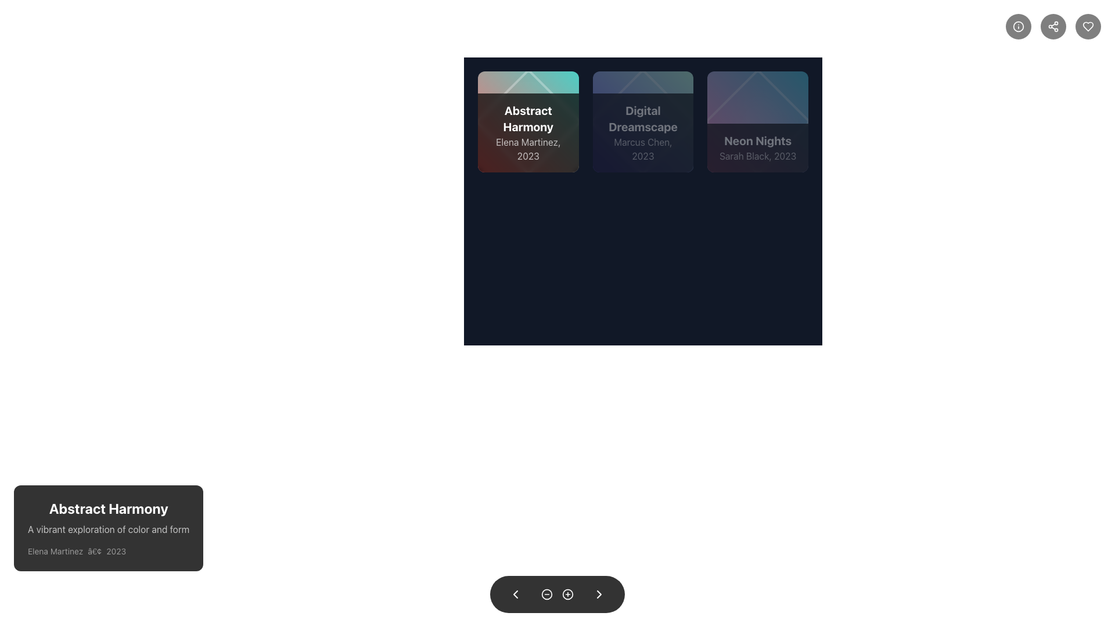  What do you see at coordinates (1087, 26) in the screenshot?
I see `the heart button located at the top-right corner of the interface, which is the third button in a row of similar circular buttons` at bounding box center [1087, 26].